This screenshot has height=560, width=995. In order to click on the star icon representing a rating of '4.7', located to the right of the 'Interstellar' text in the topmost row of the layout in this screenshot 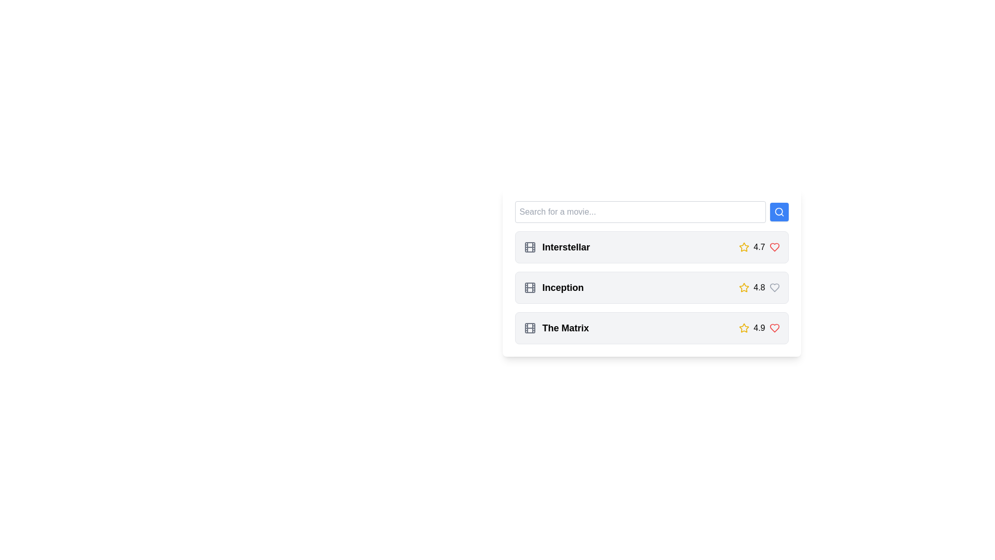, I will do `click(744, 247)`.